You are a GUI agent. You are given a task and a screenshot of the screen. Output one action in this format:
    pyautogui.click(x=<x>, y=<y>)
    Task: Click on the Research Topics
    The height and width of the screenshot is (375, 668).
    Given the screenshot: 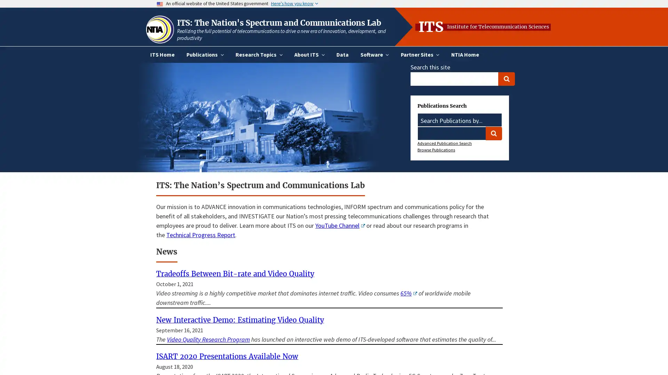 What is the action you would take?
    pyautogui.click(x=259, y=54)
    